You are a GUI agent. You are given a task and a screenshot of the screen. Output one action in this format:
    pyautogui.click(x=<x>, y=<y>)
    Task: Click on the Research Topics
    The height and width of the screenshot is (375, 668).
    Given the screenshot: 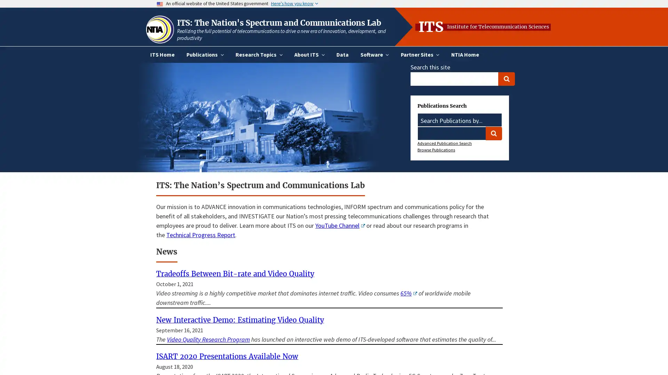 What is the action you would take?
    pyautogui.click(x=259, y=54)
    